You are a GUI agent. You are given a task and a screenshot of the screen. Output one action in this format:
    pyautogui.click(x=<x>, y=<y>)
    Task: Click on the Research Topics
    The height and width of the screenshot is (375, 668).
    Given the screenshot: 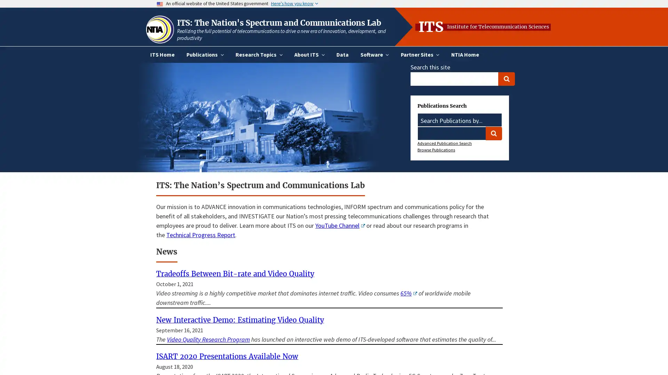 What is the action you would take?
    pyautogui.click(x=259, y=54)
    